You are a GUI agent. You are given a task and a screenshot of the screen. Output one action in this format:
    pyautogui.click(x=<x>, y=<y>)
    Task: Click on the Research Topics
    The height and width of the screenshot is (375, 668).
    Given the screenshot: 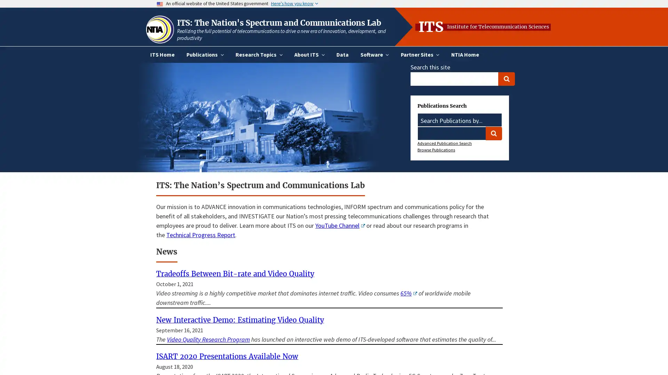 What is the action you would take?
    pyautogui.click(x=259, y=54)
    